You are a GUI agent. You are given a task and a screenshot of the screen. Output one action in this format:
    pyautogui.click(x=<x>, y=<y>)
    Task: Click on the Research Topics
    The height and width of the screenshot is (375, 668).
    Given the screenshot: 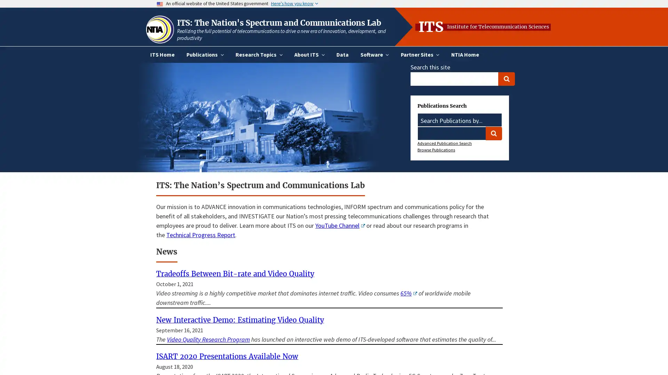 What is the action you would take?
    pyautogui.click(x=259, y=54)
    